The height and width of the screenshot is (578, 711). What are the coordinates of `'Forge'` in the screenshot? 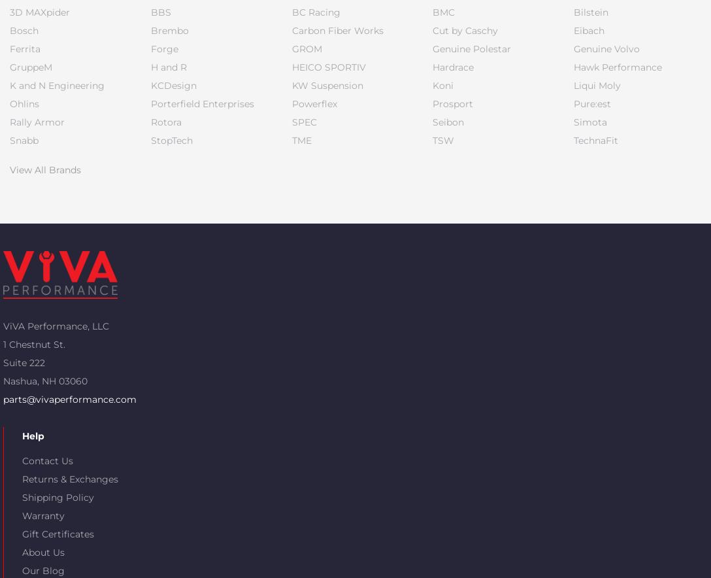 It's located at (163, 48).